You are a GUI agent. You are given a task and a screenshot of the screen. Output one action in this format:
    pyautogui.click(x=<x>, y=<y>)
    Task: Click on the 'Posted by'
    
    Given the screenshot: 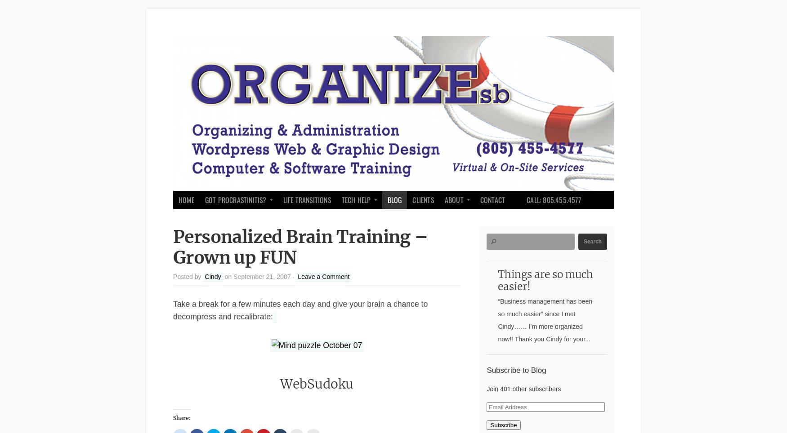 What is the action you would take?
    pyautogui.click(x=188, y=276)
    